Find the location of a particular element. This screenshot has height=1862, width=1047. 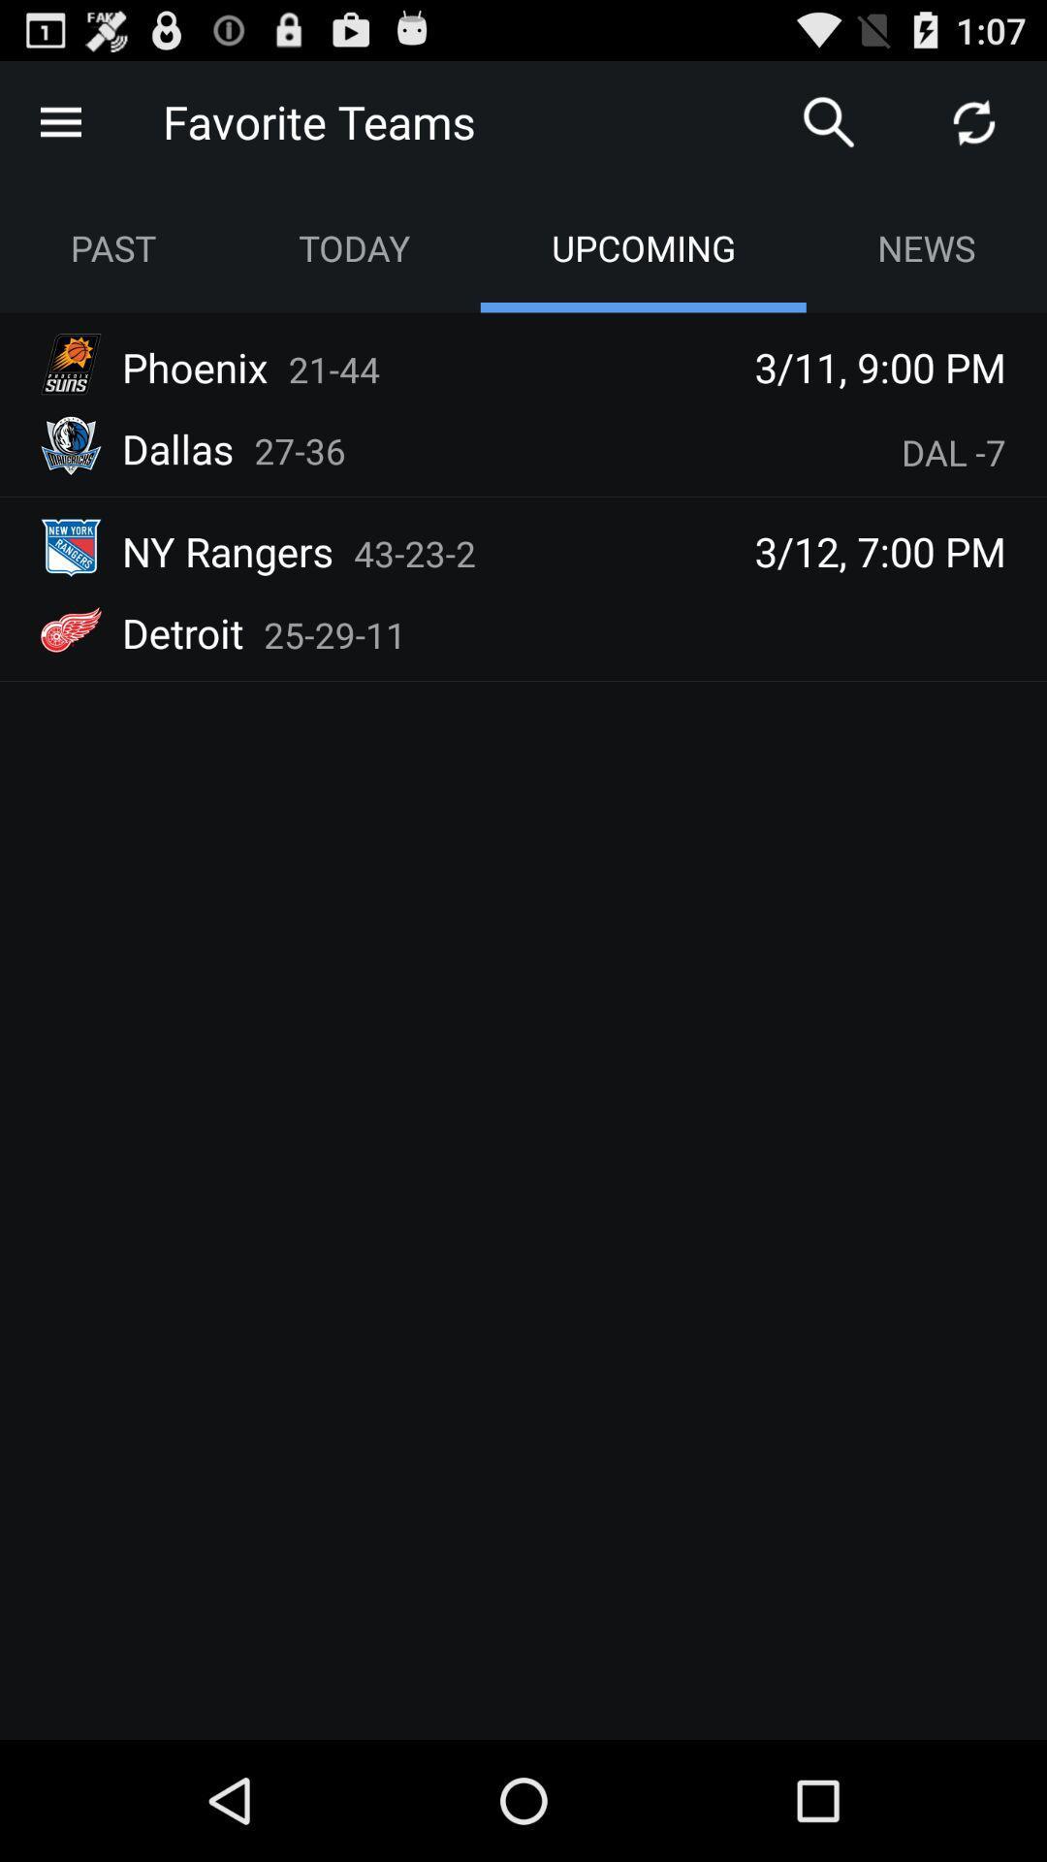

search engine is located at coordinates (829, 120).